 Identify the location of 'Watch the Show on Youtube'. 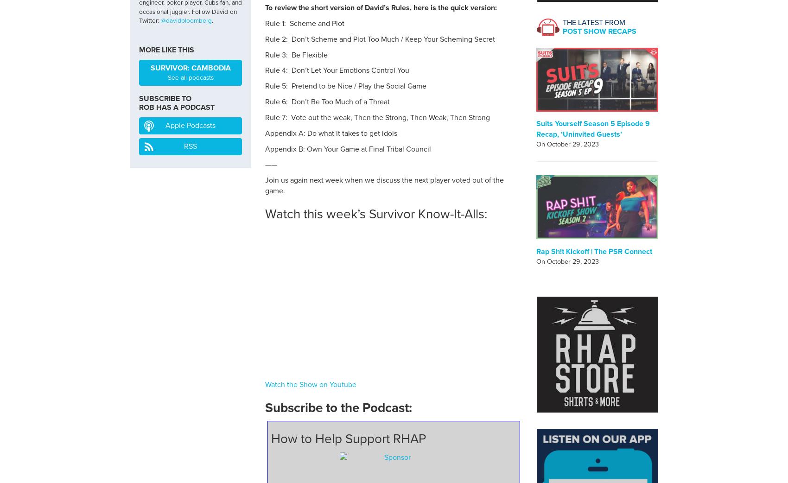
(311, 384).